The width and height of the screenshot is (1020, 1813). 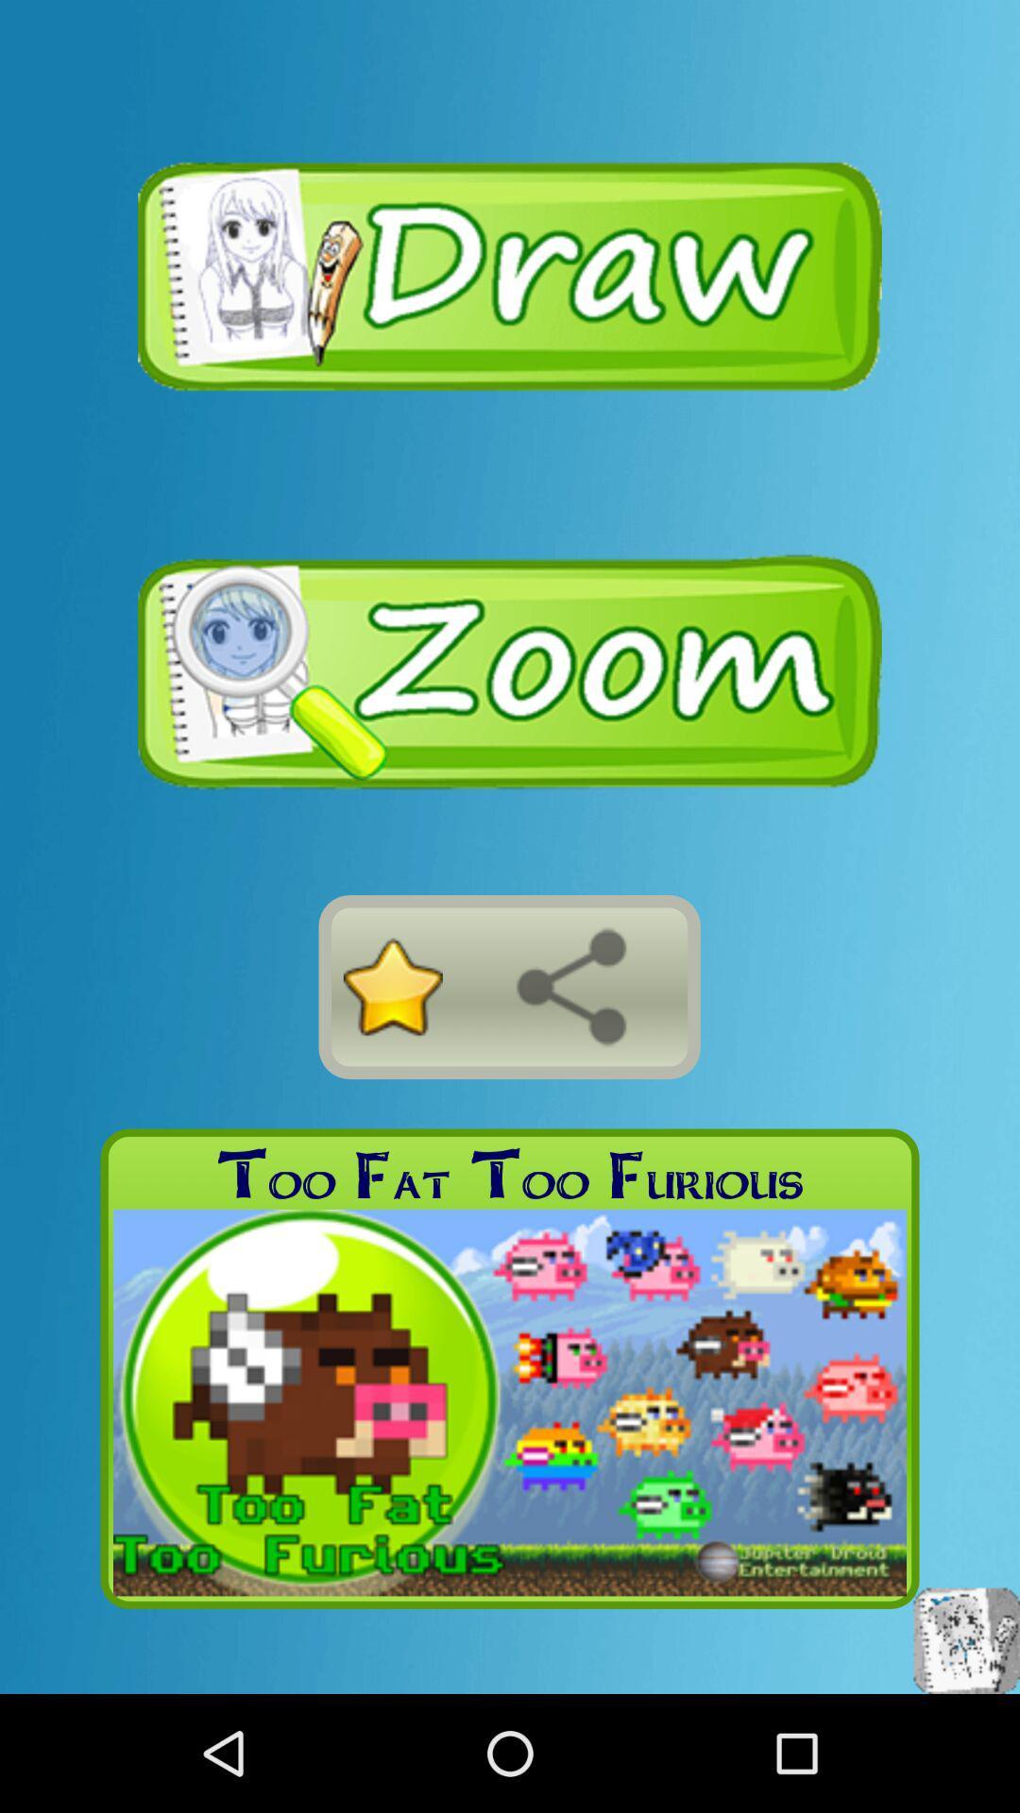 What do you see at coordinates (570, 986) in the screenshot?
I see `search` at bounding box center [570, 986].